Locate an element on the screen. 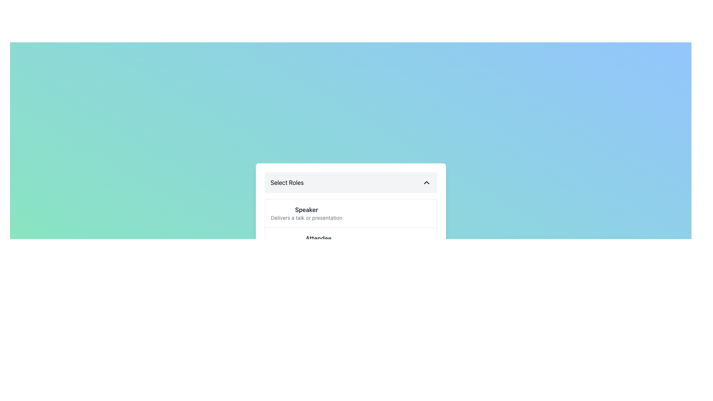 This screenshot has width=713, height=401. the first list item in the 'Select Roles' section that provides information about the 'Speaker' role is located at coordinates (350, 213).